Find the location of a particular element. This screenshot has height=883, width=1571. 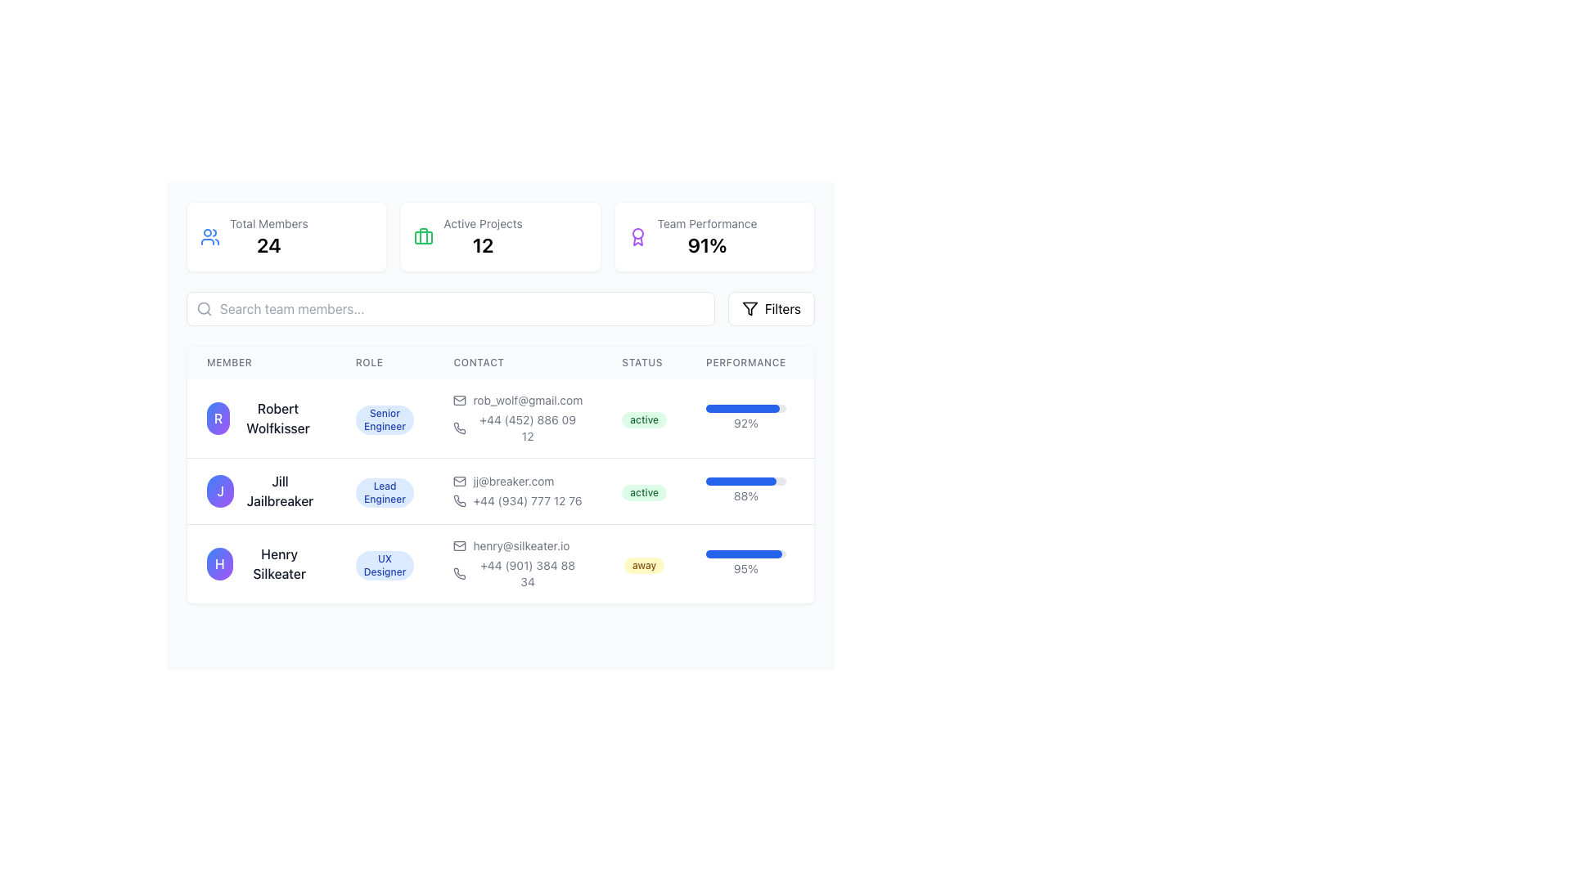

the progress bar with percentage label located in the 'Performance' section of Henry Silkeater's row is located at coordinates (745, 563).